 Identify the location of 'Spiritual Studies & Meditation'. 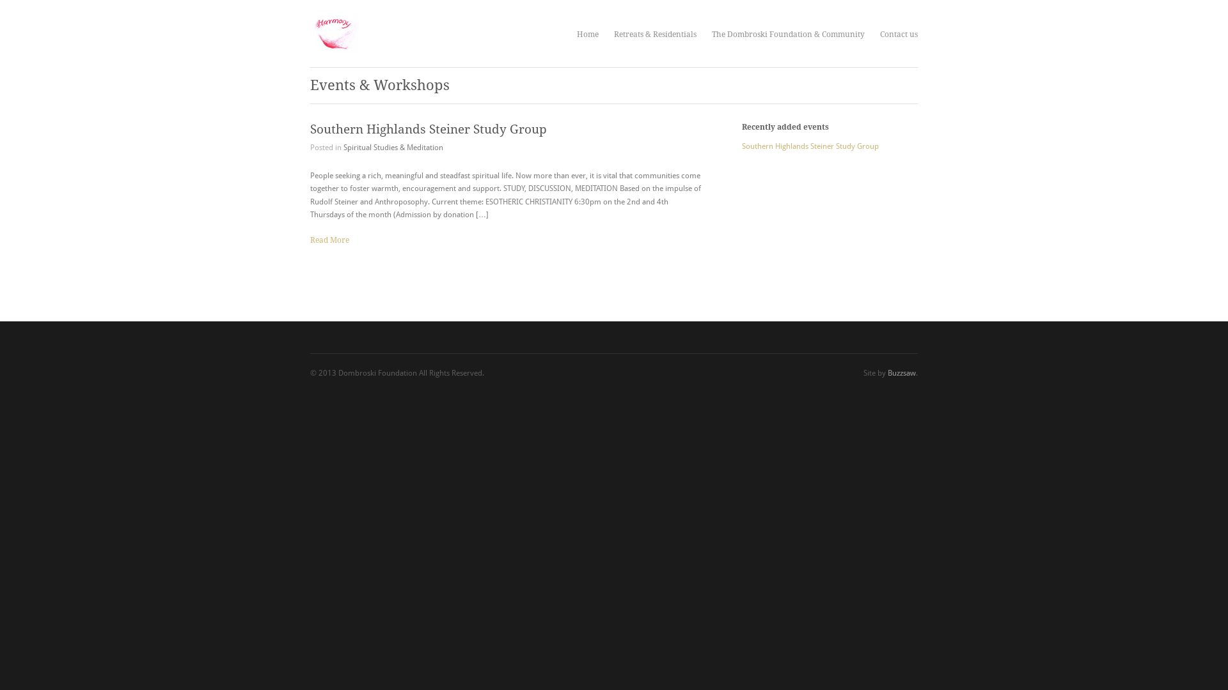
(392, 147).